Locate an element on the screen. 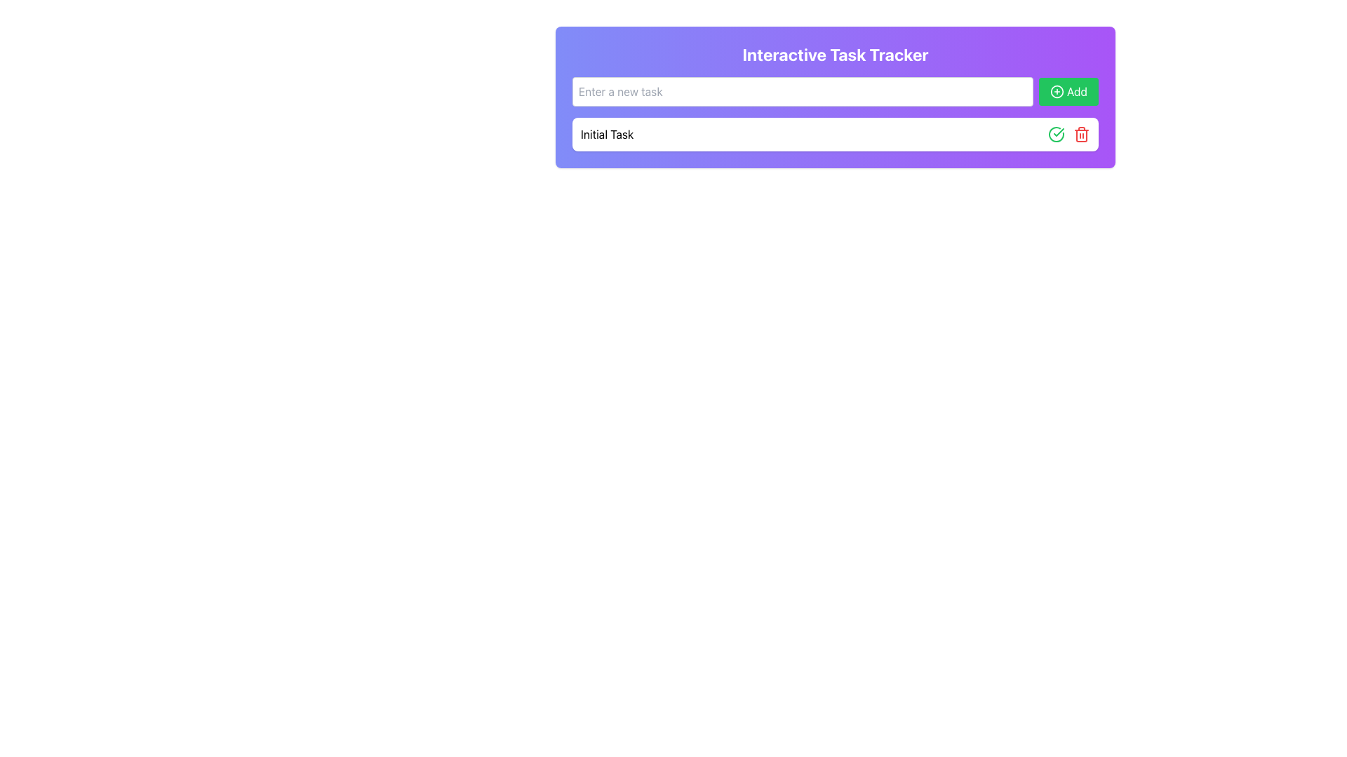  the checkmark icon located near the right side of the task input section is located at coordinates (1059, 132).